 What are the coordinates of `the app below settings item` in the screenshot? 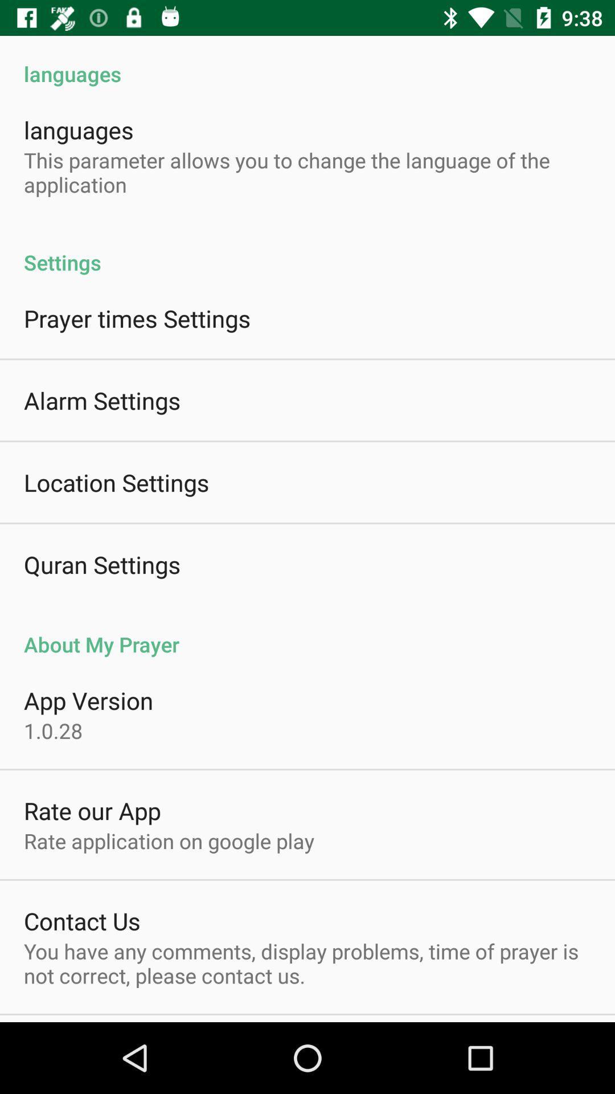 It's located at (137, 318).